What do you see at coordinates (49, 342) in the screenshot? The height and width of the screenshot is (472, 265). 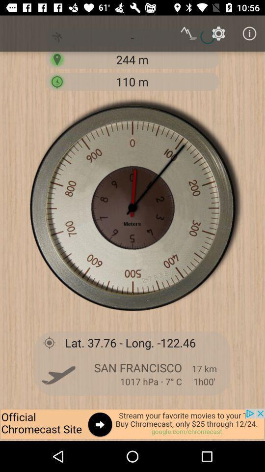 I see `longitude and latitude symbol` at bounding box center [49, 342].